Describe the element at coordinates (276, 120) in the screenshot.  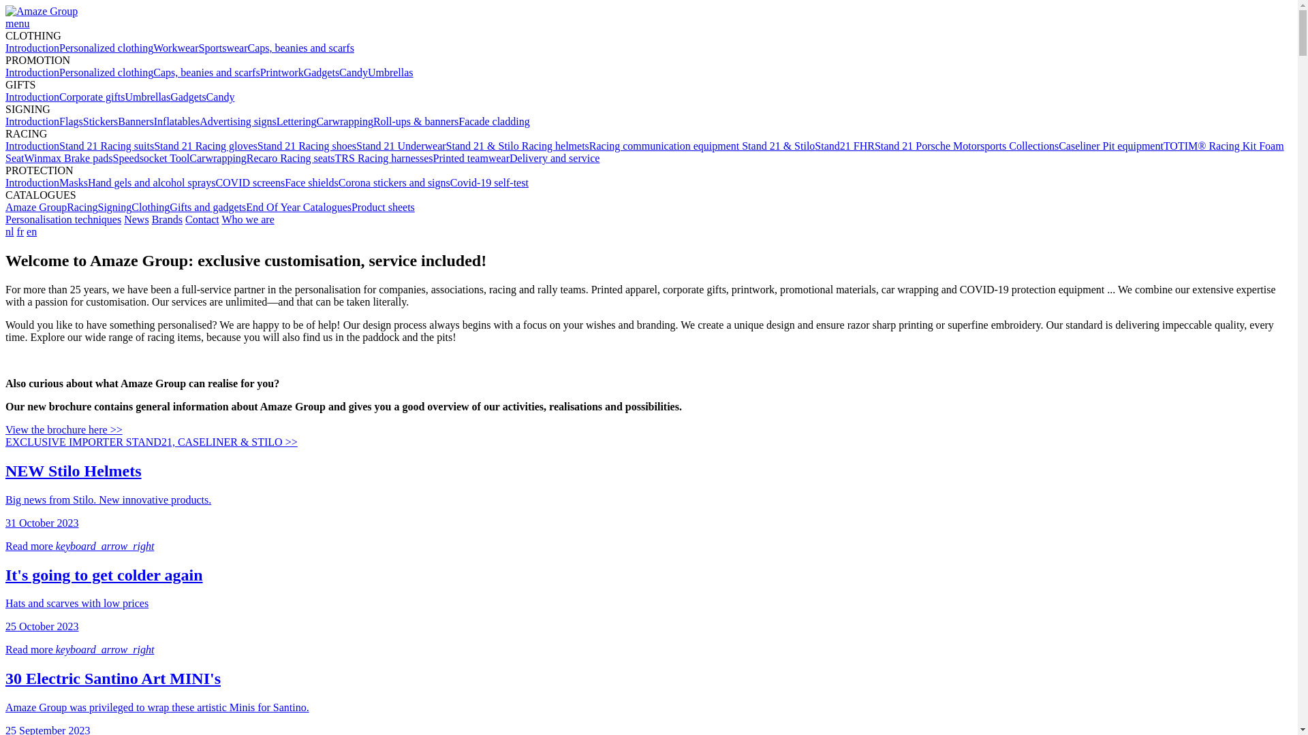
I see `'Lettering'` at that location.